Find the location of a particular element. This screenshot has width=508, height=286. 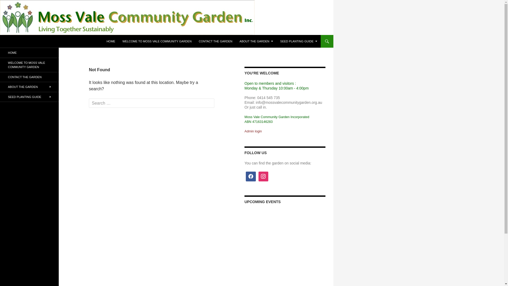

'Moss Vale Community Garden' is located at coordinates (42, 41).